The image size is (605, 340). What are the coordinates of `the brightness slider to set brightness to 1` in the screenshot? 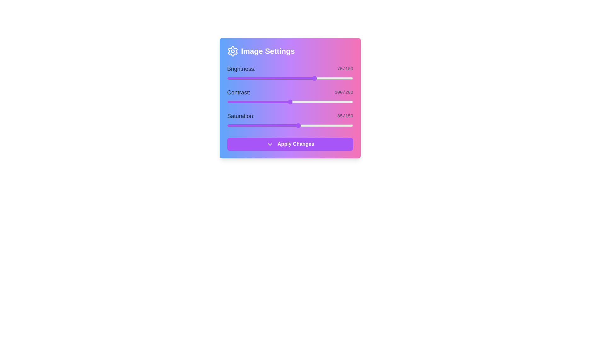 It's located at (228, 78).